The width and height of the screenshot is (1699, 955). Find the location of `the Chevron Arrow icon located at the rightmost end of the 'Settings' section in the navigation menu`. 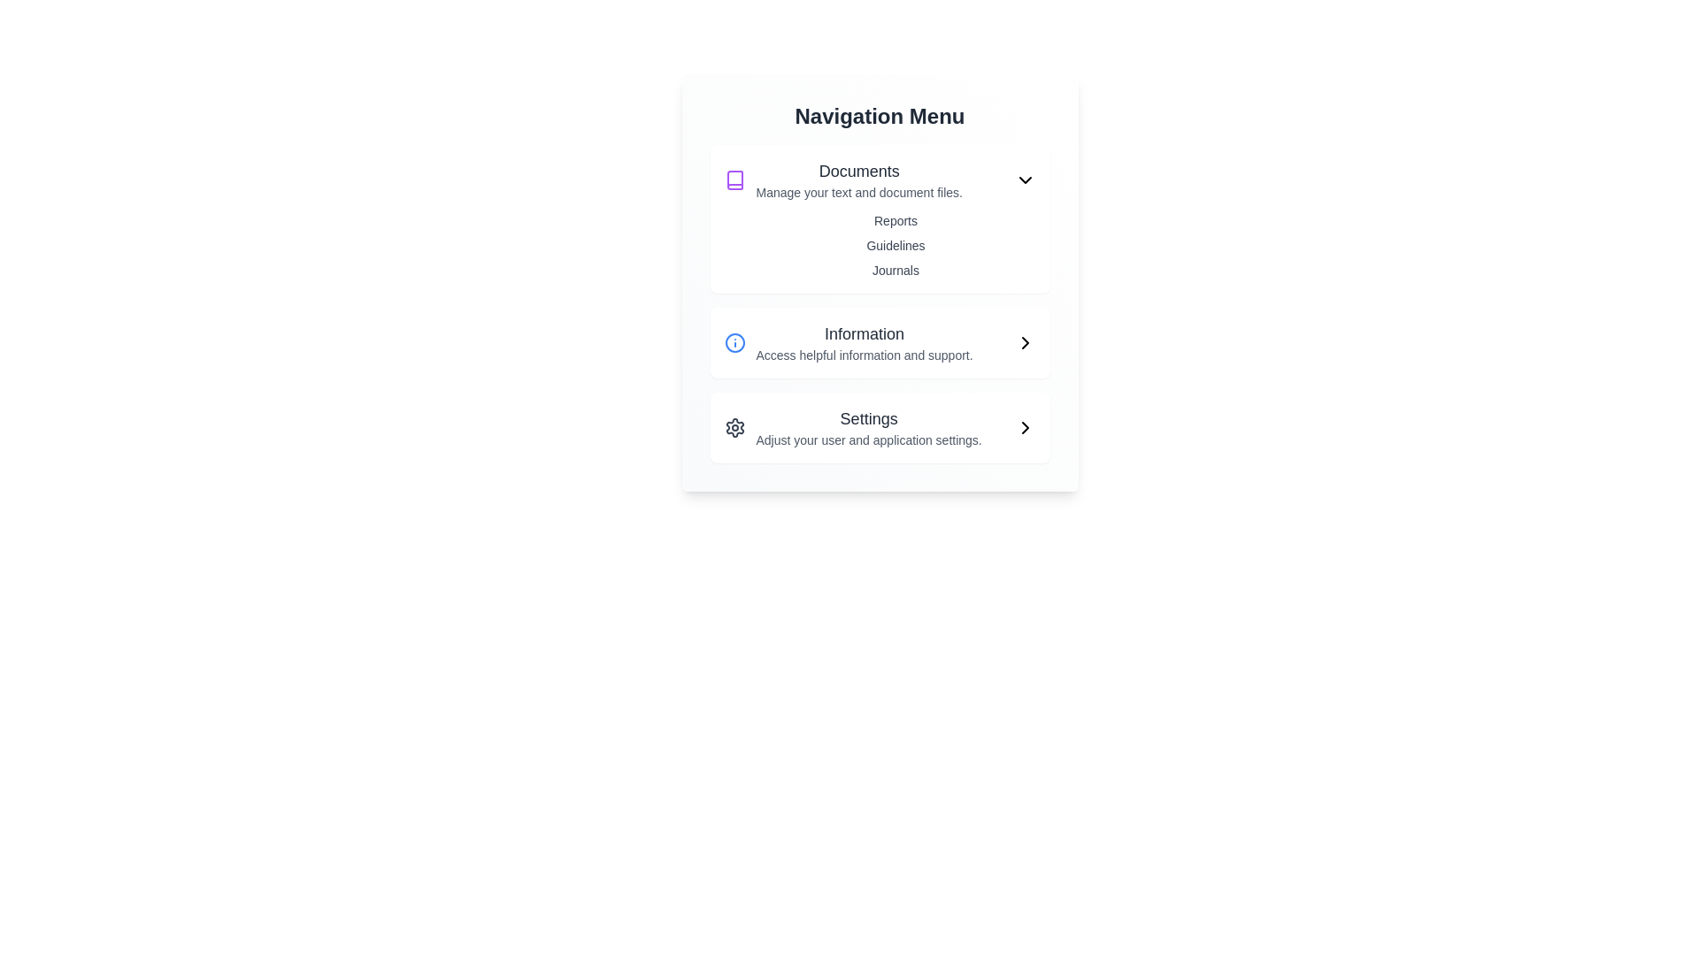

the Chevron Arrow icon located at the rightmost end of the 'Settings' section in the navigation menu is located at coordinates (1025, 427).